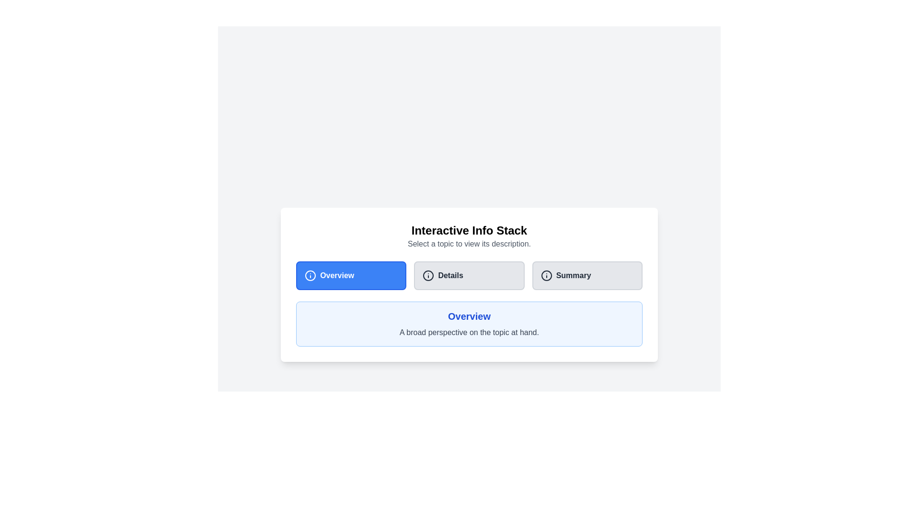 The image size is (920, 517). What do you see at coordinates (337, 275) in the screenshot?
I see `the bold 'Overview' text inside the leftmost blue button in a row of three buttons labeled 'Overview,' 'Details,' and 'Summary.'` at bounding box center [337, 275].